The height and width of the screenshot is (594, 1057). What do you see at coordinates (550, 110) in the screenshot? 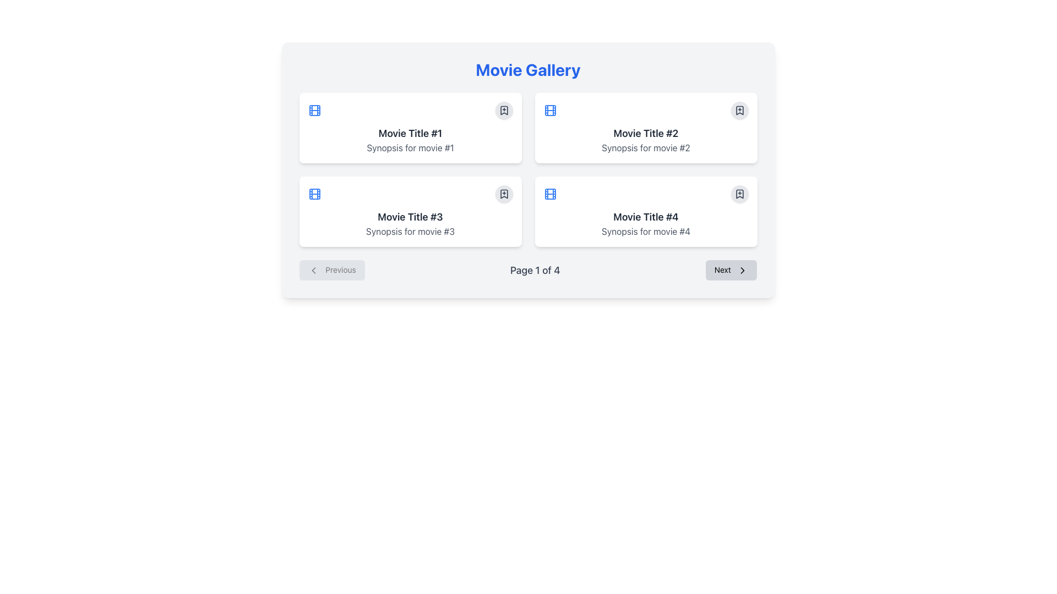
I see `the movie icon located in the upper-right of the card titled 'Movie Title #2' to interact with the associated content` at bounding box center [550, 110].